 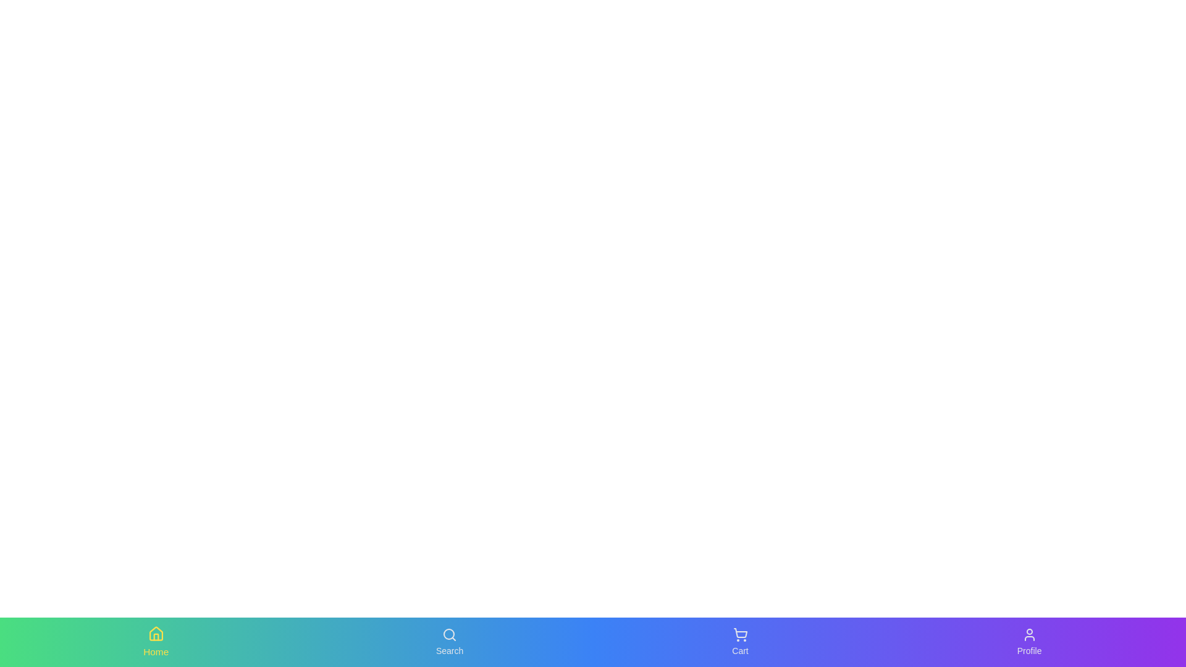 What do you see at coordinates (1029, 642) in the screenshot?
I see `the navigation button that directs to the profile page, which is the fourth element in the horizontal navigation bar` at bounding box center [1029, 642].